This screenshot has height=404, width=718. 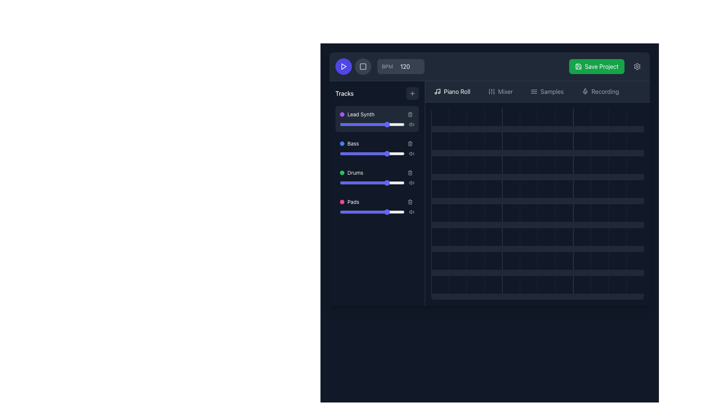 I want to click on the grid layout element located on the right side of the main interface, which serves as a primary content block for arranging or interacting with smaller components like musical notes, so click(x=537, y=204).